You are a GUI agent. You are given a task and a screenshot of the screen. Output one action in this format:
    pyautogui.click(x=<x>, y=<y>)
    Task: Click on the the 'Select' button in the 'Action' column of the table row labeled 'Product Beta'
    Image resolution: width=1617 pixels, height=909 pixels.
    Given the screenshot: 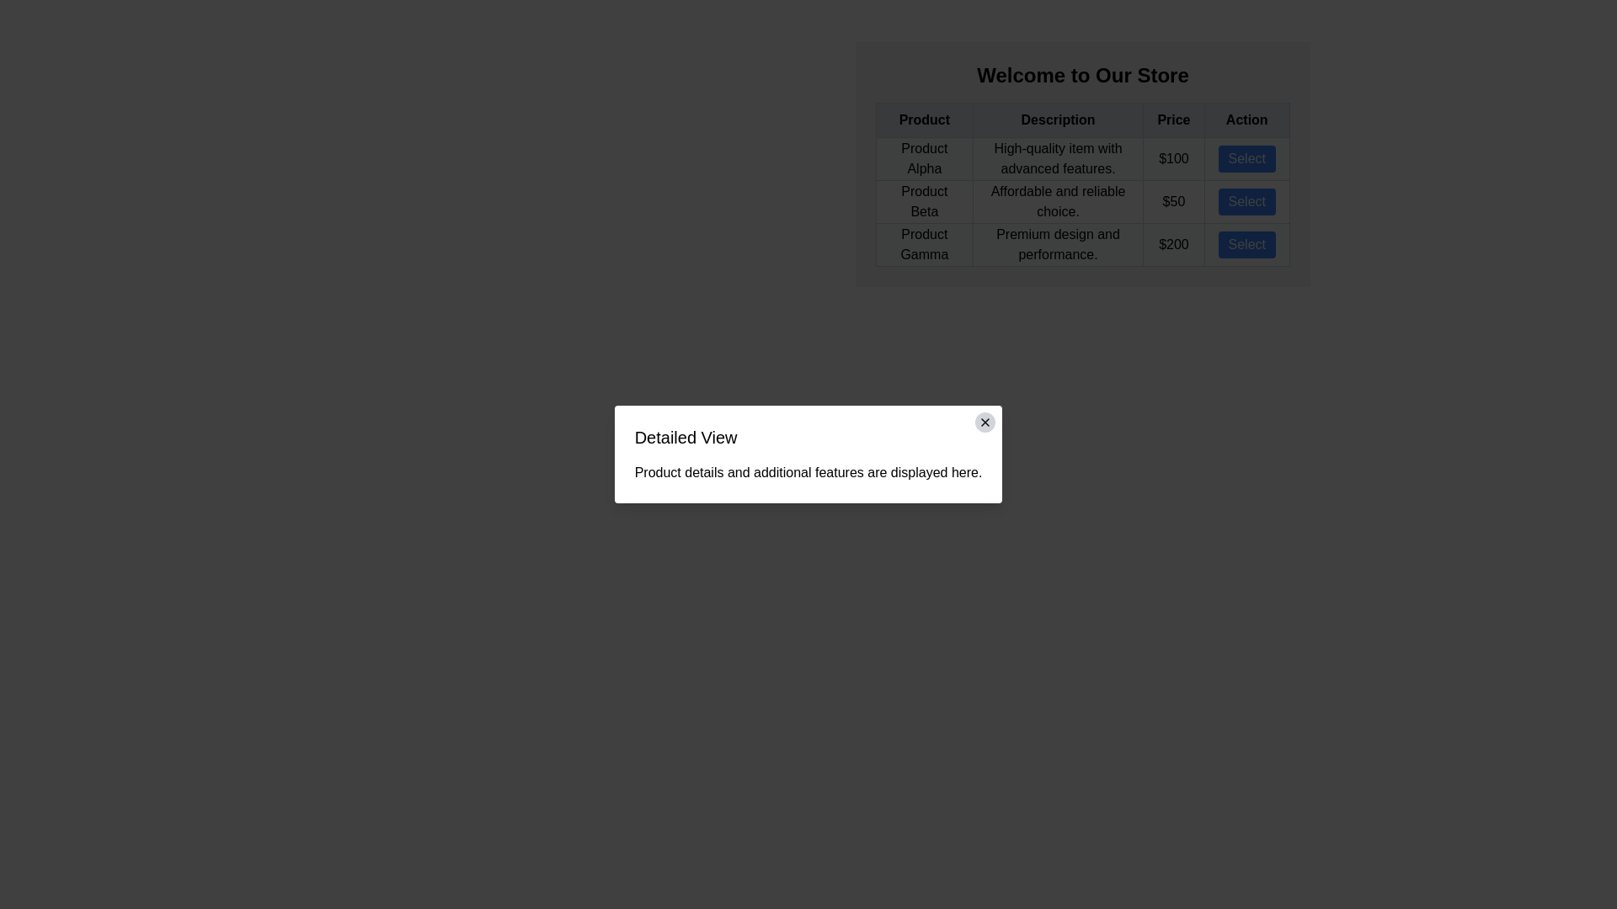 What is the action you would take?
    pyautogui.click(x=1246, y=200)
    